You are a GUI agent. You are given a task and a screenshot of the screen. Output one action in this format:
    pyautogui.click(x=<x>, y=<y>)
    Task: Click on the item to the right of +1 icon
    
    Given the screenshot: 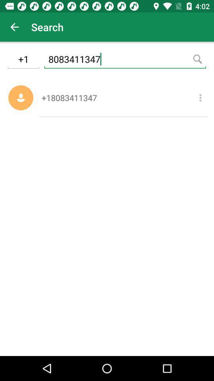 What is the action you would take?
    pyautogui.click(x=125, y=60)
    